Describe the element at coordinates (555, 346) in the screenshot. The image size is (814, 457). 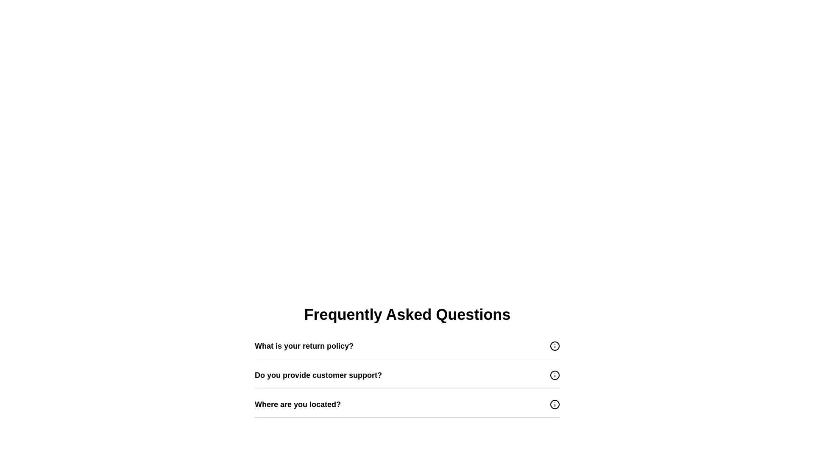
I see `the outermost circle in the top-right corner of the first FAQ entry, which is part of an SVG information icon` at that location.